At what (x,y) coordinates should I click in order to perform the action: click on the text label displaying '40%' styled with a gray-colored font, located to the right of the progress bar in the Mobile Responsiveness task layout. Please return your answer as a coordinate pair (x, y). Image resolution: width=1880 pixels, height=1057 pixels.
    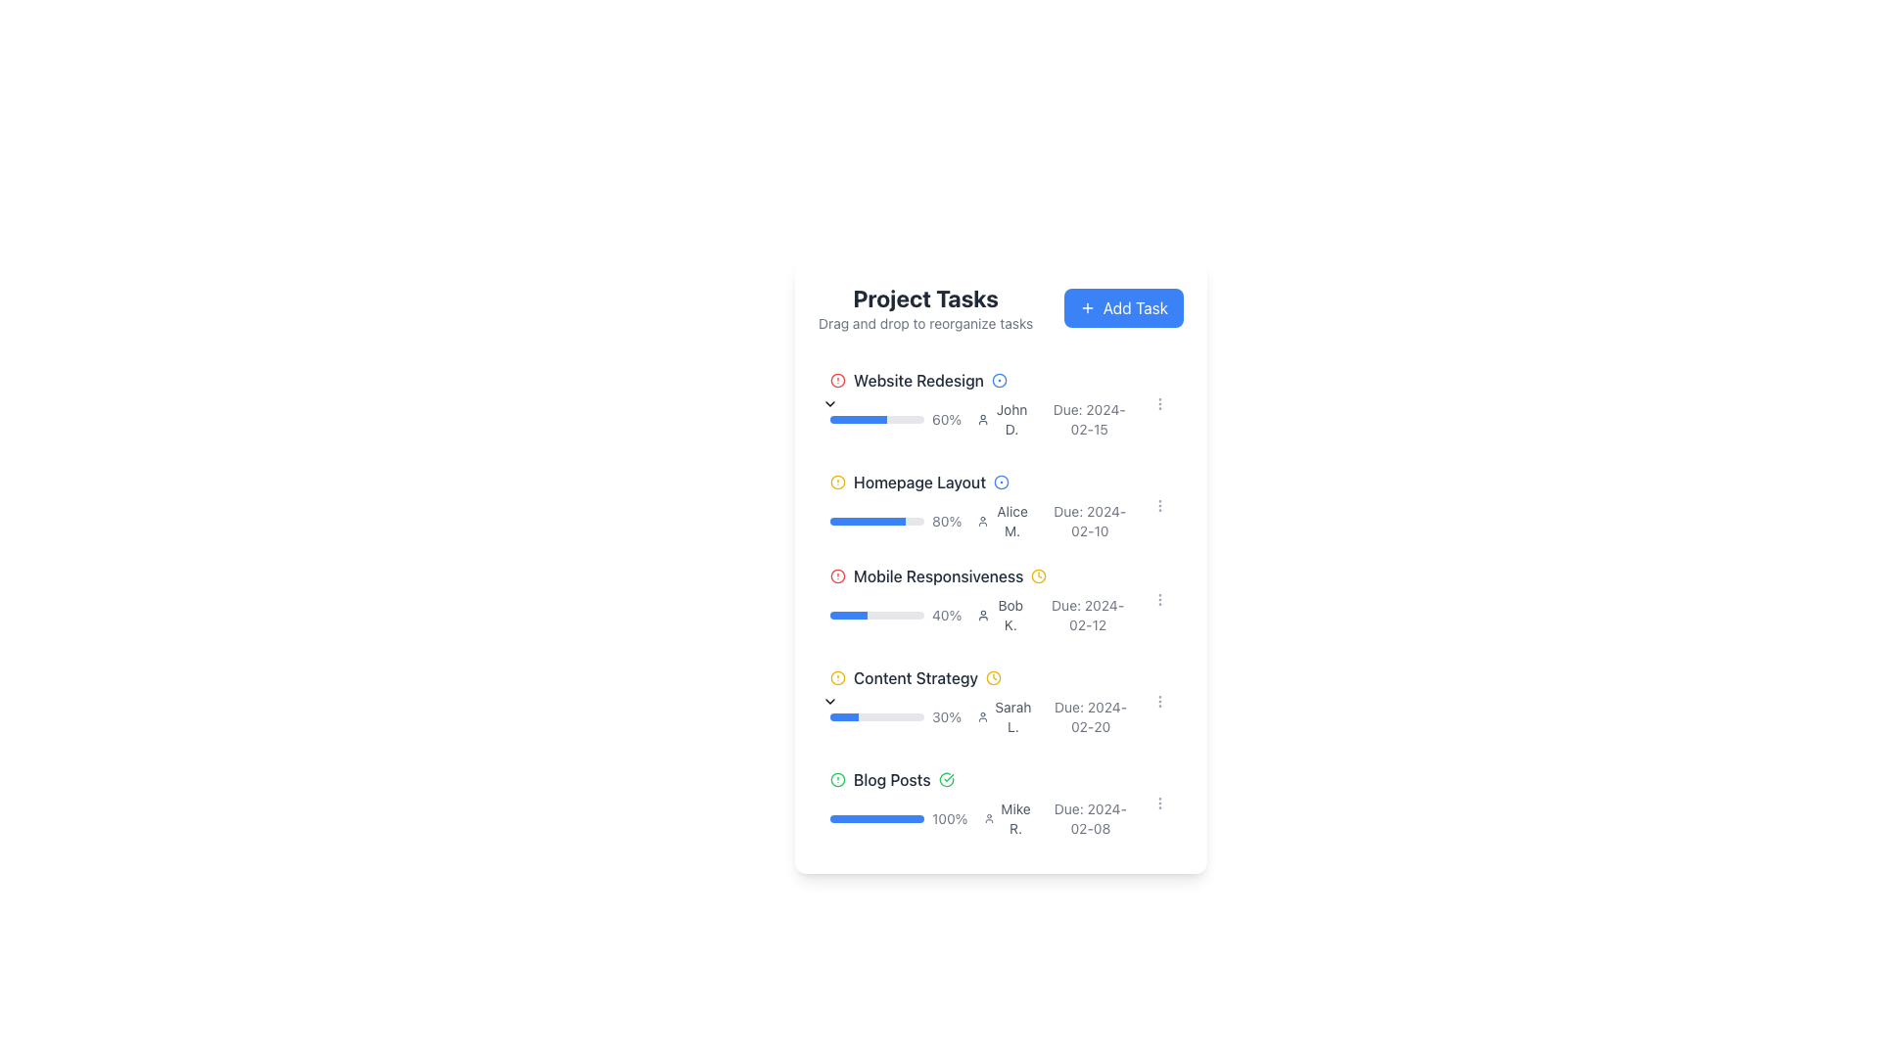
    Looking at the image, I should click on (947, 614).